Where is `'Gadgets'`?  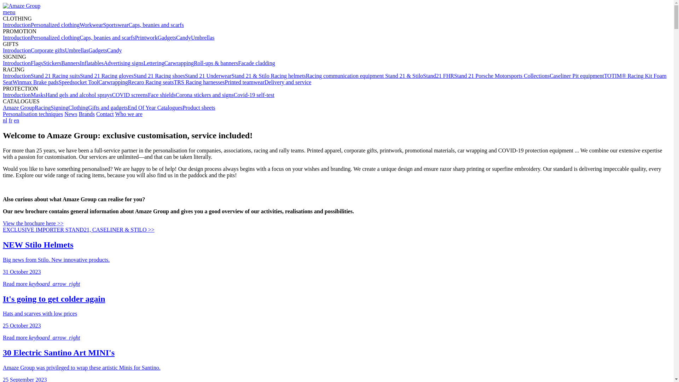
'Gadgets' is located at coordinates (88, 50).